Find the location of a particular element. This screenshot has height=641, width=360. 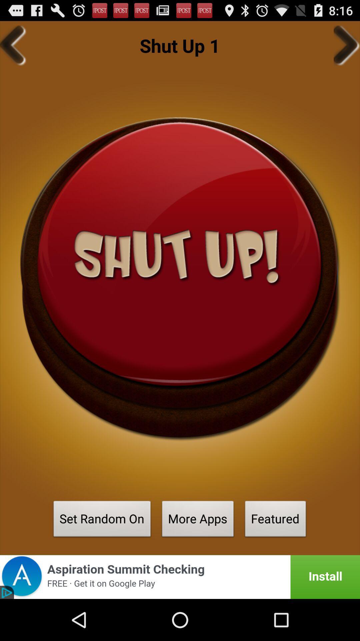

item at the bottom right corner is located at coordinates (275, 520).